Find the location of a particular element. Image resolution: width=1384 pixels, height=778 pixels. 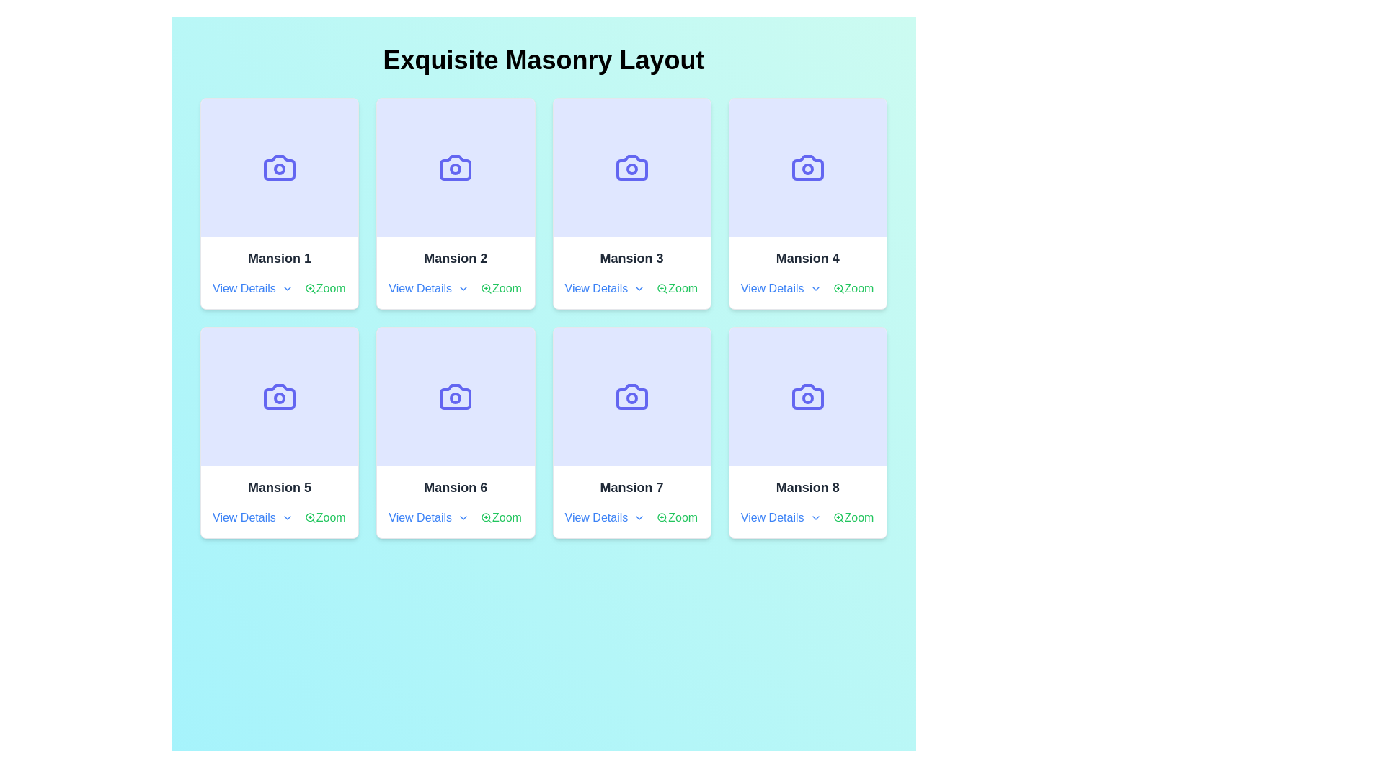

the interactive link with an icon located to the right of the 'View Details' link within the 'Mansion 3' card is located at coordinates (676, 289).